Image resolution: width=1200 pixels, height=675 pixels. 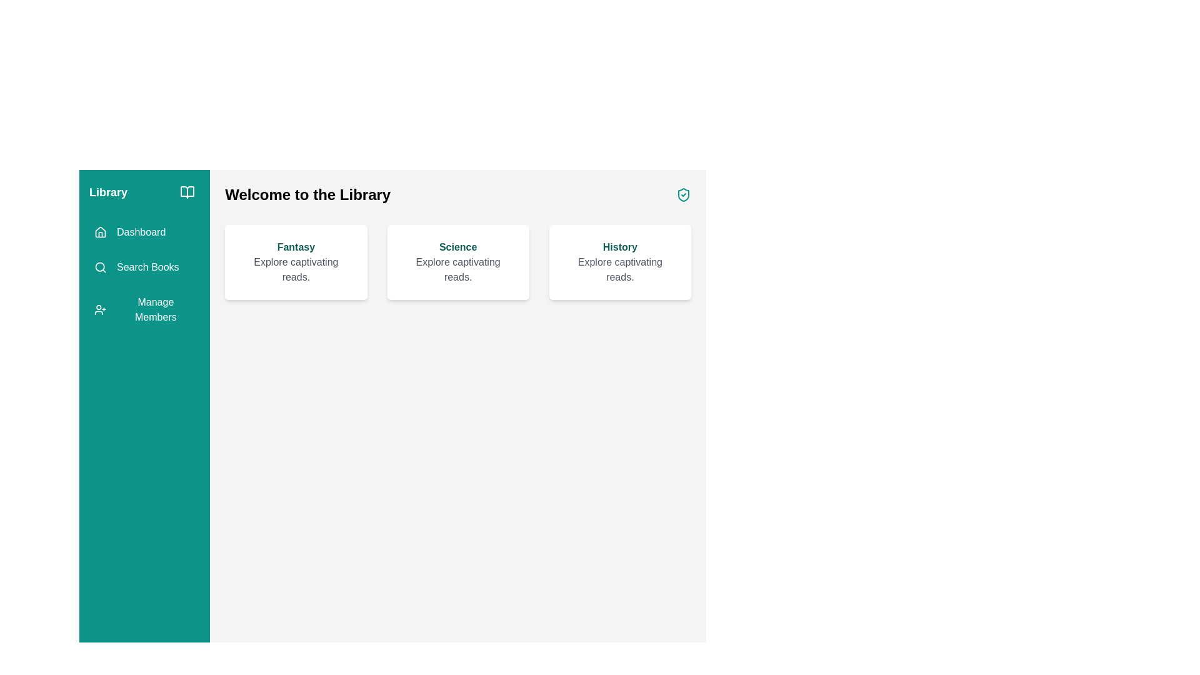 What do you see at coordinates (108, 192) in the screenshot?
I see `the 'Library' text label, which is a bold, large font label with a teal-colored background located in the top-left of the sidebar menu` at bounding box center [108, 192].